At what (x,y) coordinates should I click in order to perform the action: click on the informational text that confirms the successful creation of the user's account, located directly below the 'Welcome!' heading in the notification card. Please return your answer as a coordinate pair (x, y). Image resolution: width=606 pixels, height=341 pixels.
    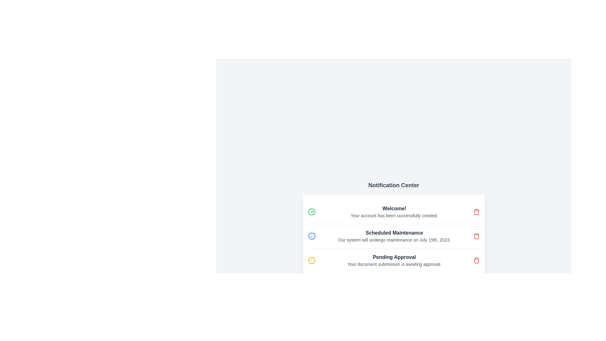
    Looking at the image, I should click on (394, 215).